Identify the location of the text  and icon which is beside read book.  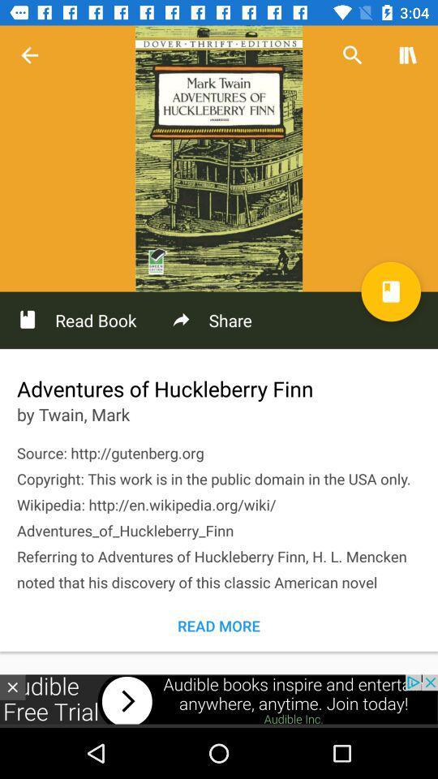
(211, 320).